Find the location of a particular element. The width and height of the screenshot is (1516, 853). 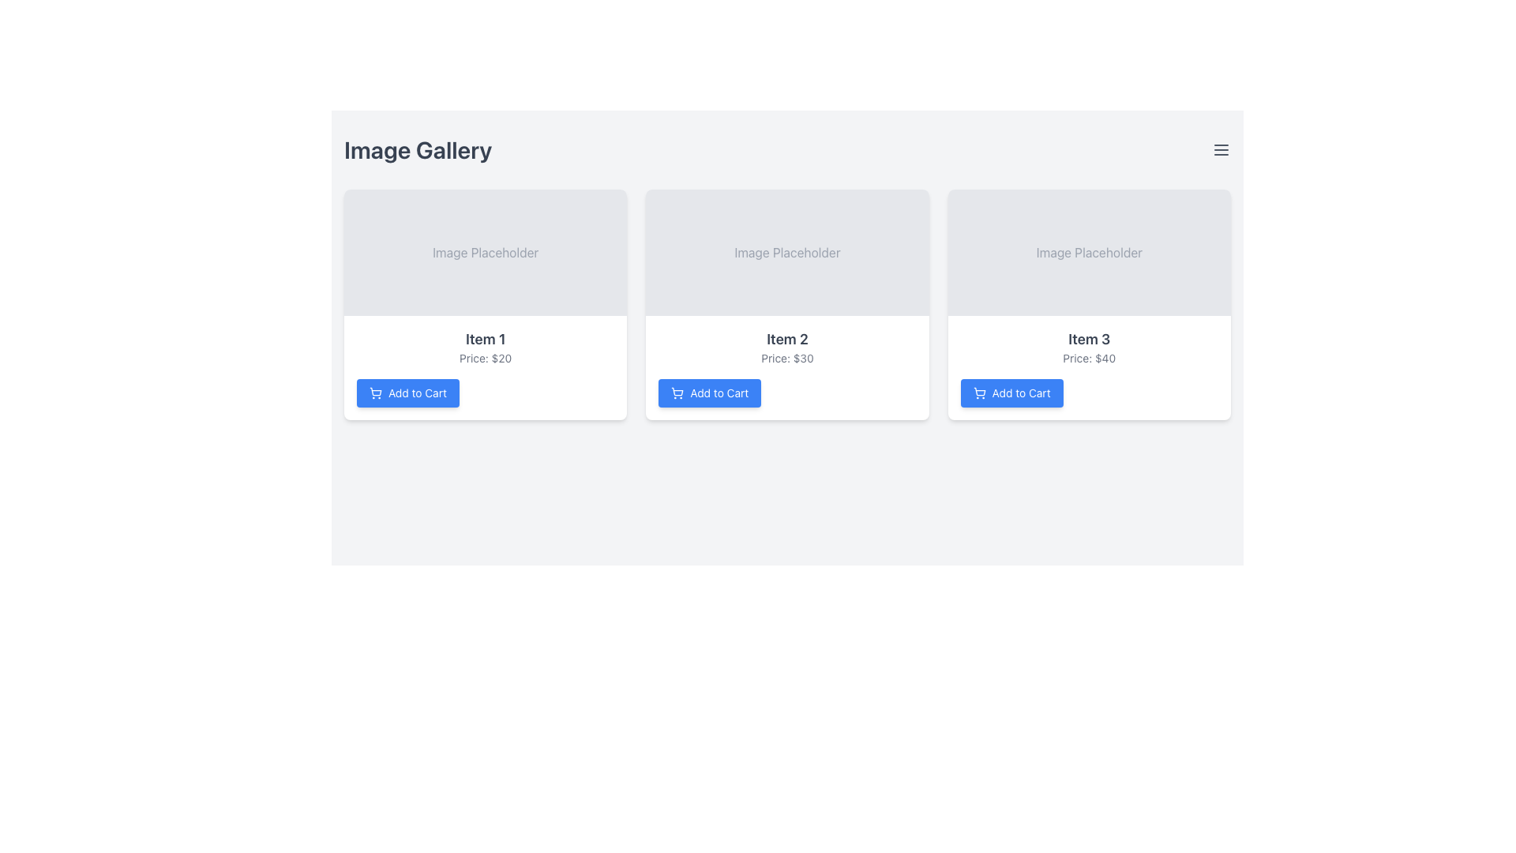

the text label 'Item 3', which is styled with a larger font size and bold text, positioned above the price information and the 'Add to Cart' button in the card for the third item is located at coordinates (1088, 338).